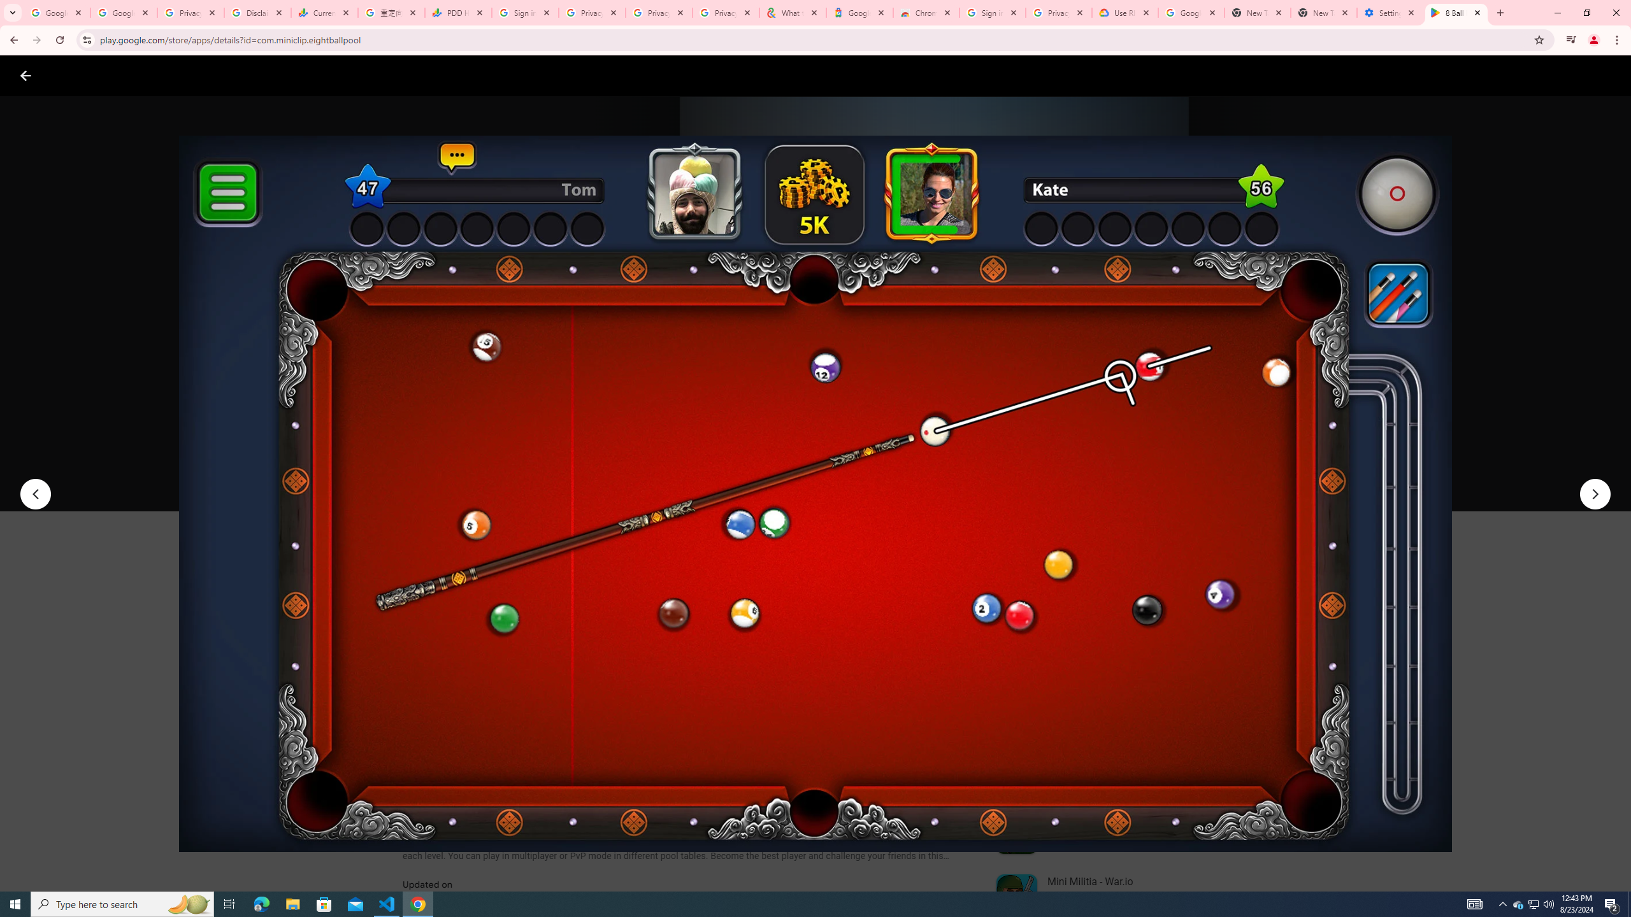  I want to click on 'New Tab', so click(1324, 12).